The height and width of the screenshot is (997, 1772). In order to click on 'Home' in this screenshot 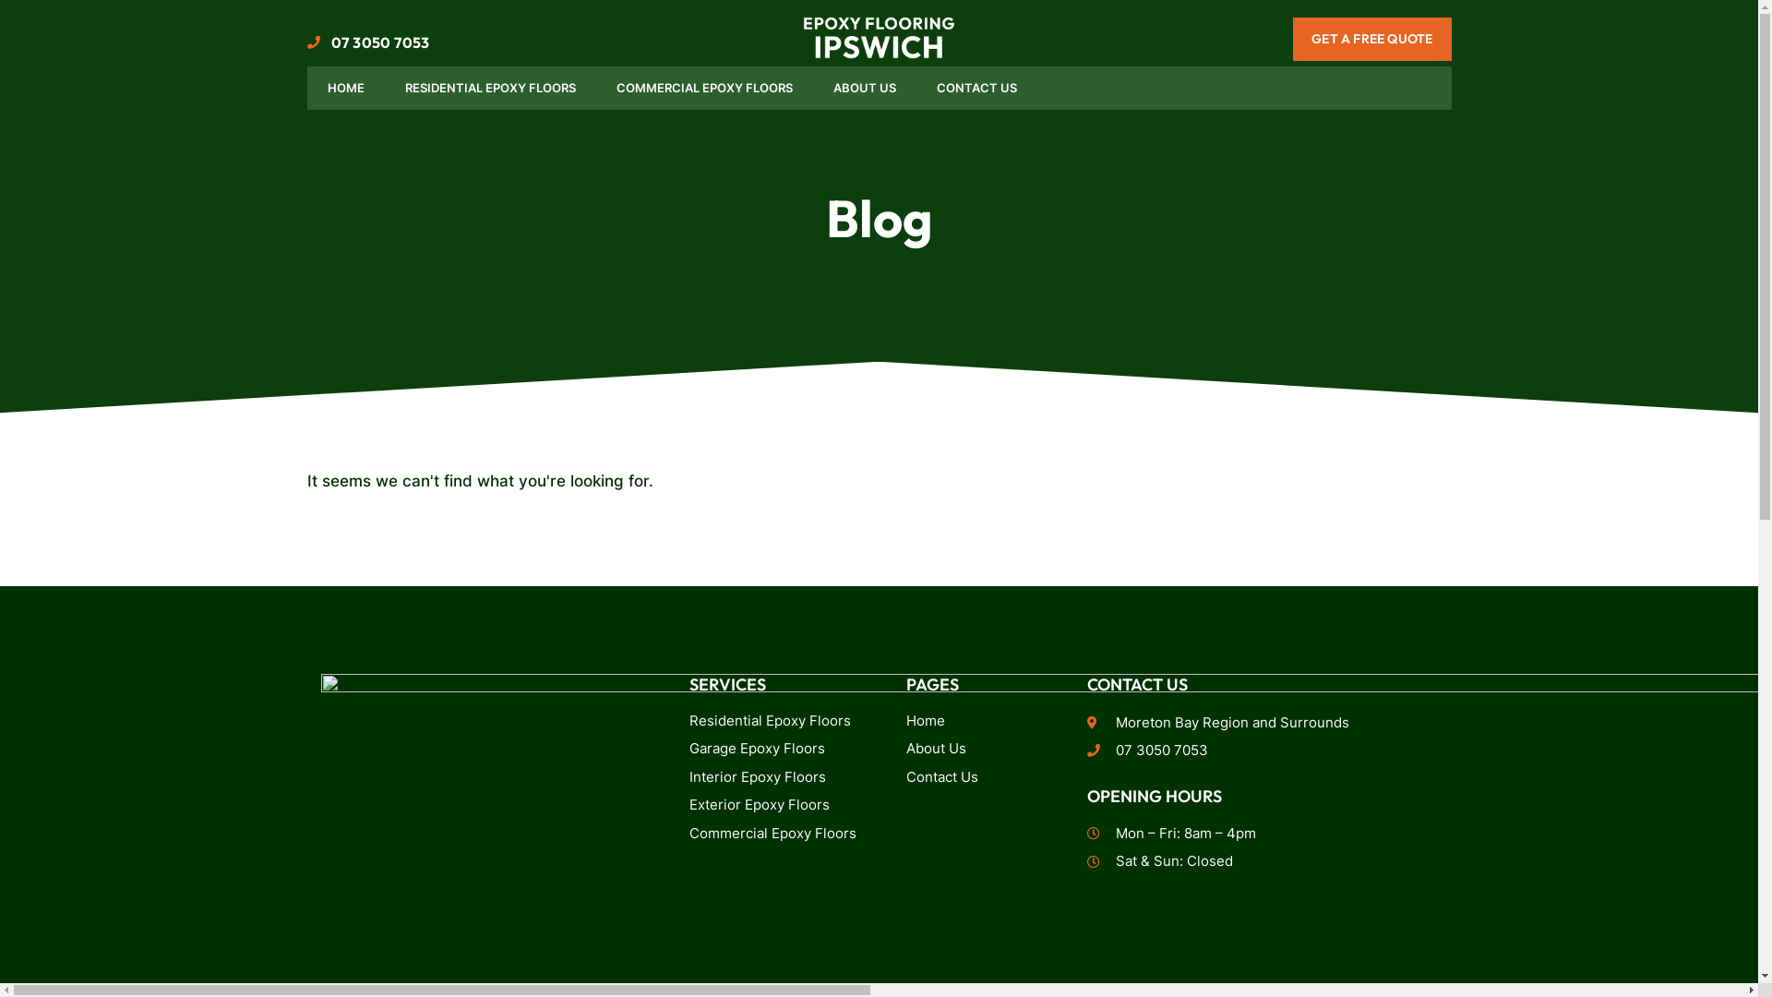, I will do `click(982, 720)`.